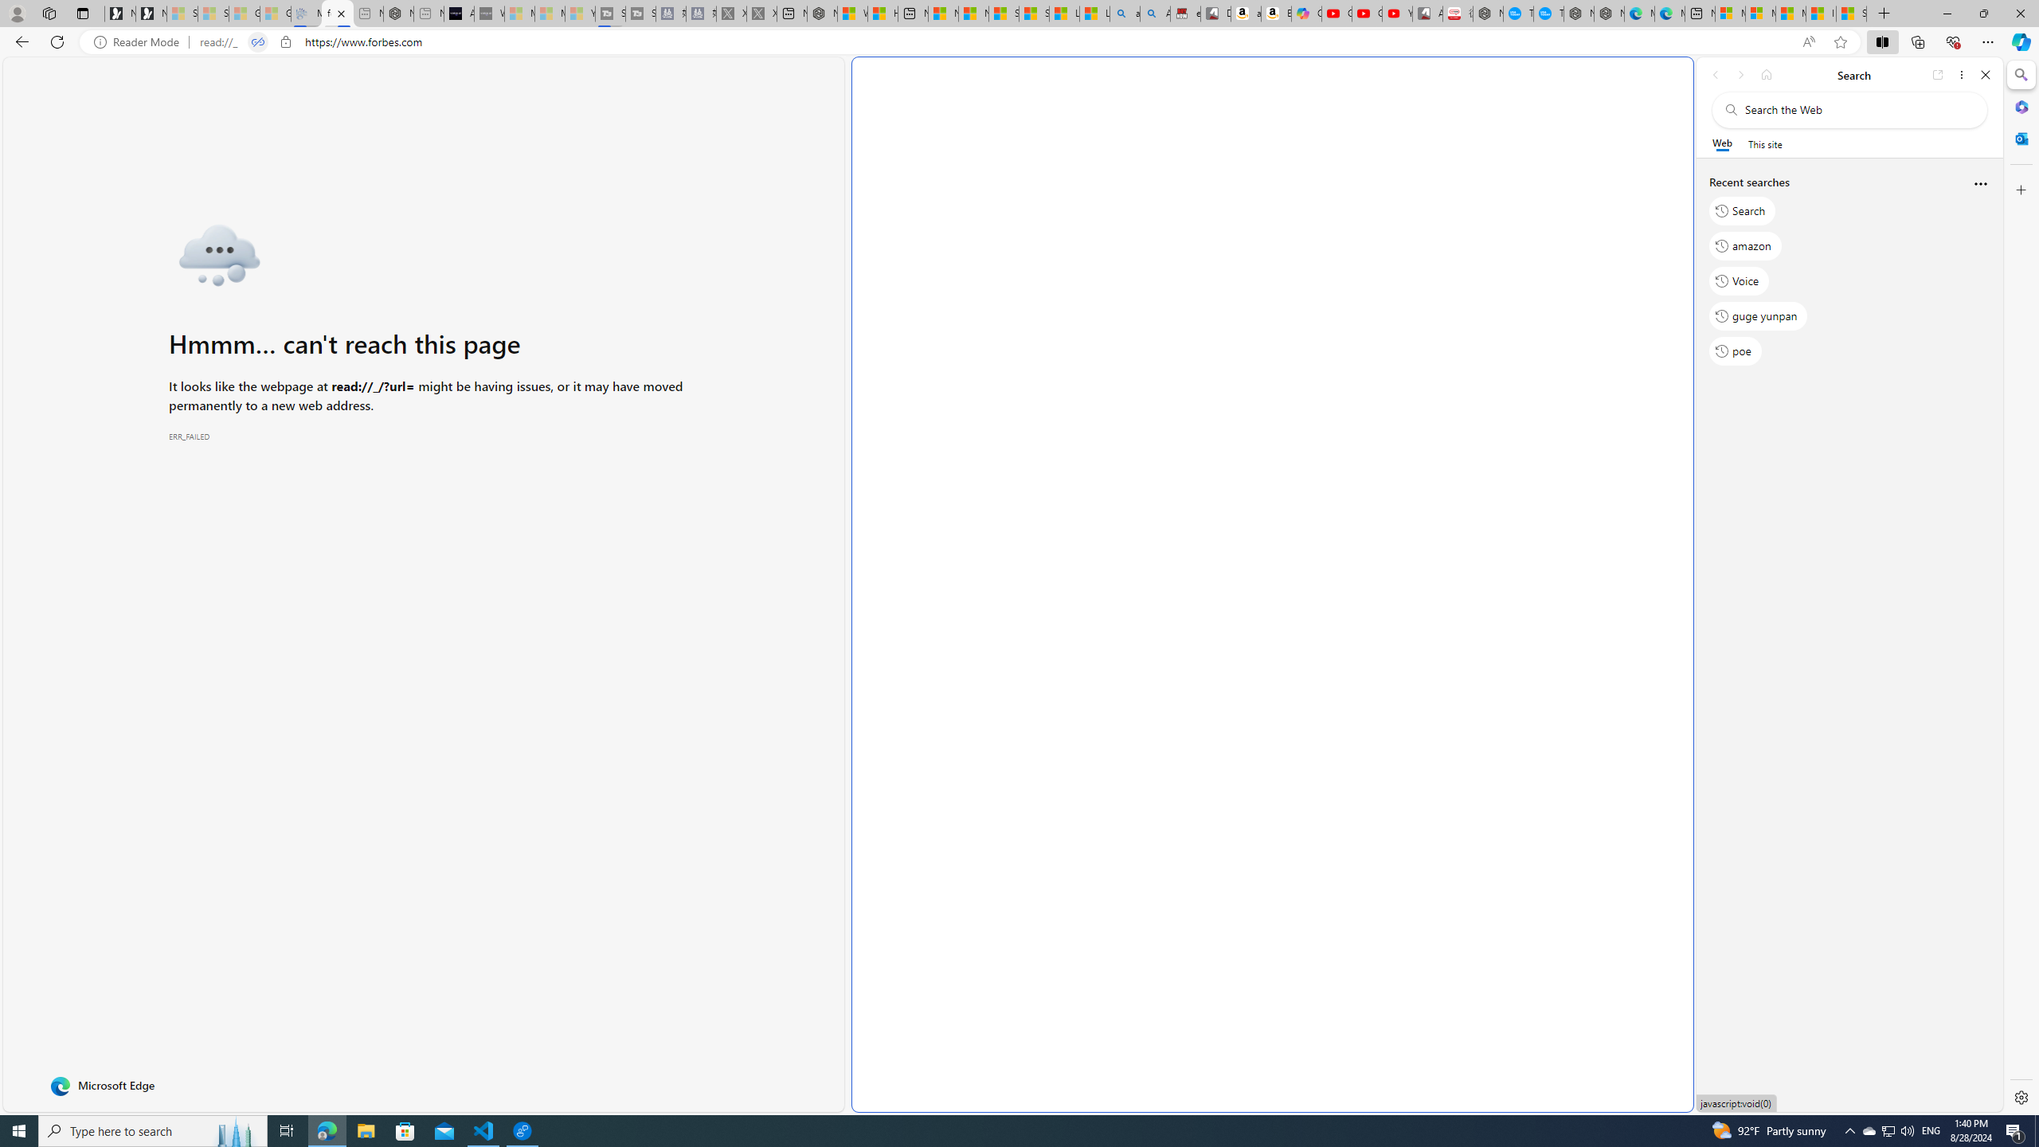 Image resolution: width=2039 pixels, height=1147 pixels. Describe the element at coordinates (1246, 13) in the screenshot. I see `'amazon.in/dp/B0CX59H5W7/?tag=gsmcom05-21'` at that location.